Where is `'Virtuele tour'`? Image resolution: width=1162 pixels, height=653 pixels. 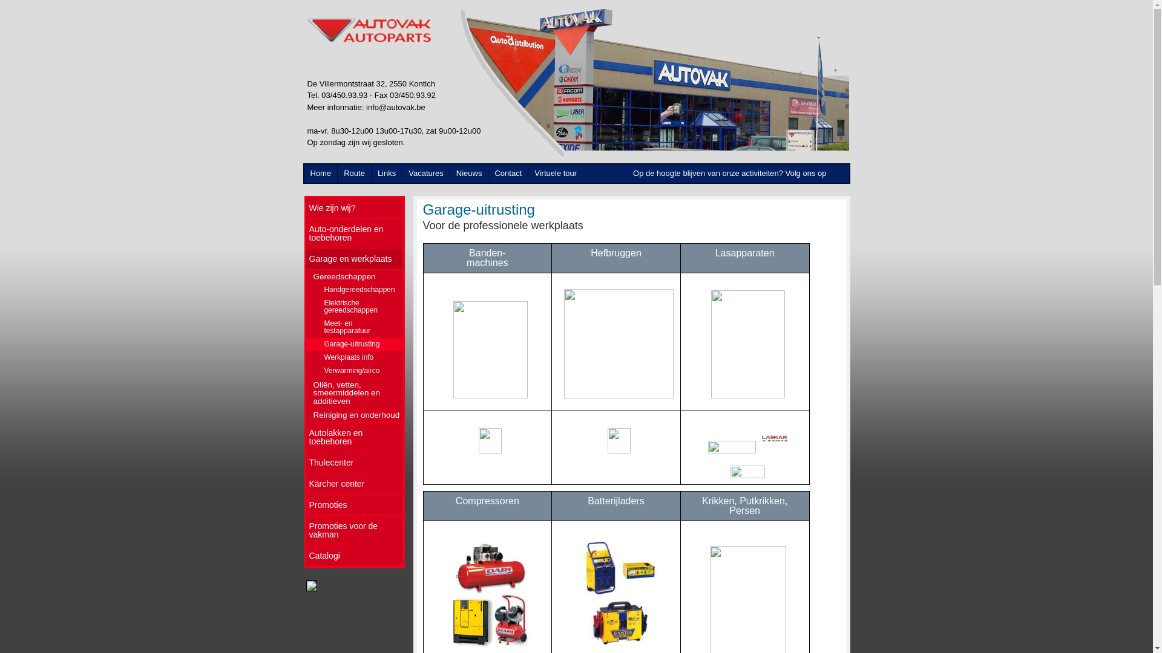 'Virtuele tour' is located at coordinates (554, 174).